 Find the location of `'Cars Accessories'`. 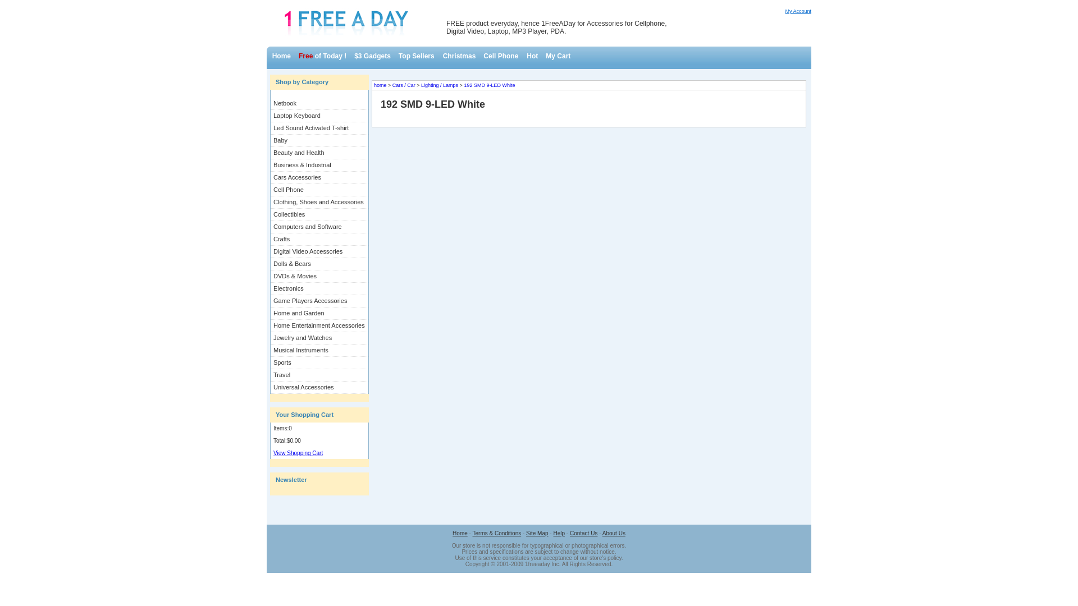

'Cars Accessories' is located at coordinates (273, 177).